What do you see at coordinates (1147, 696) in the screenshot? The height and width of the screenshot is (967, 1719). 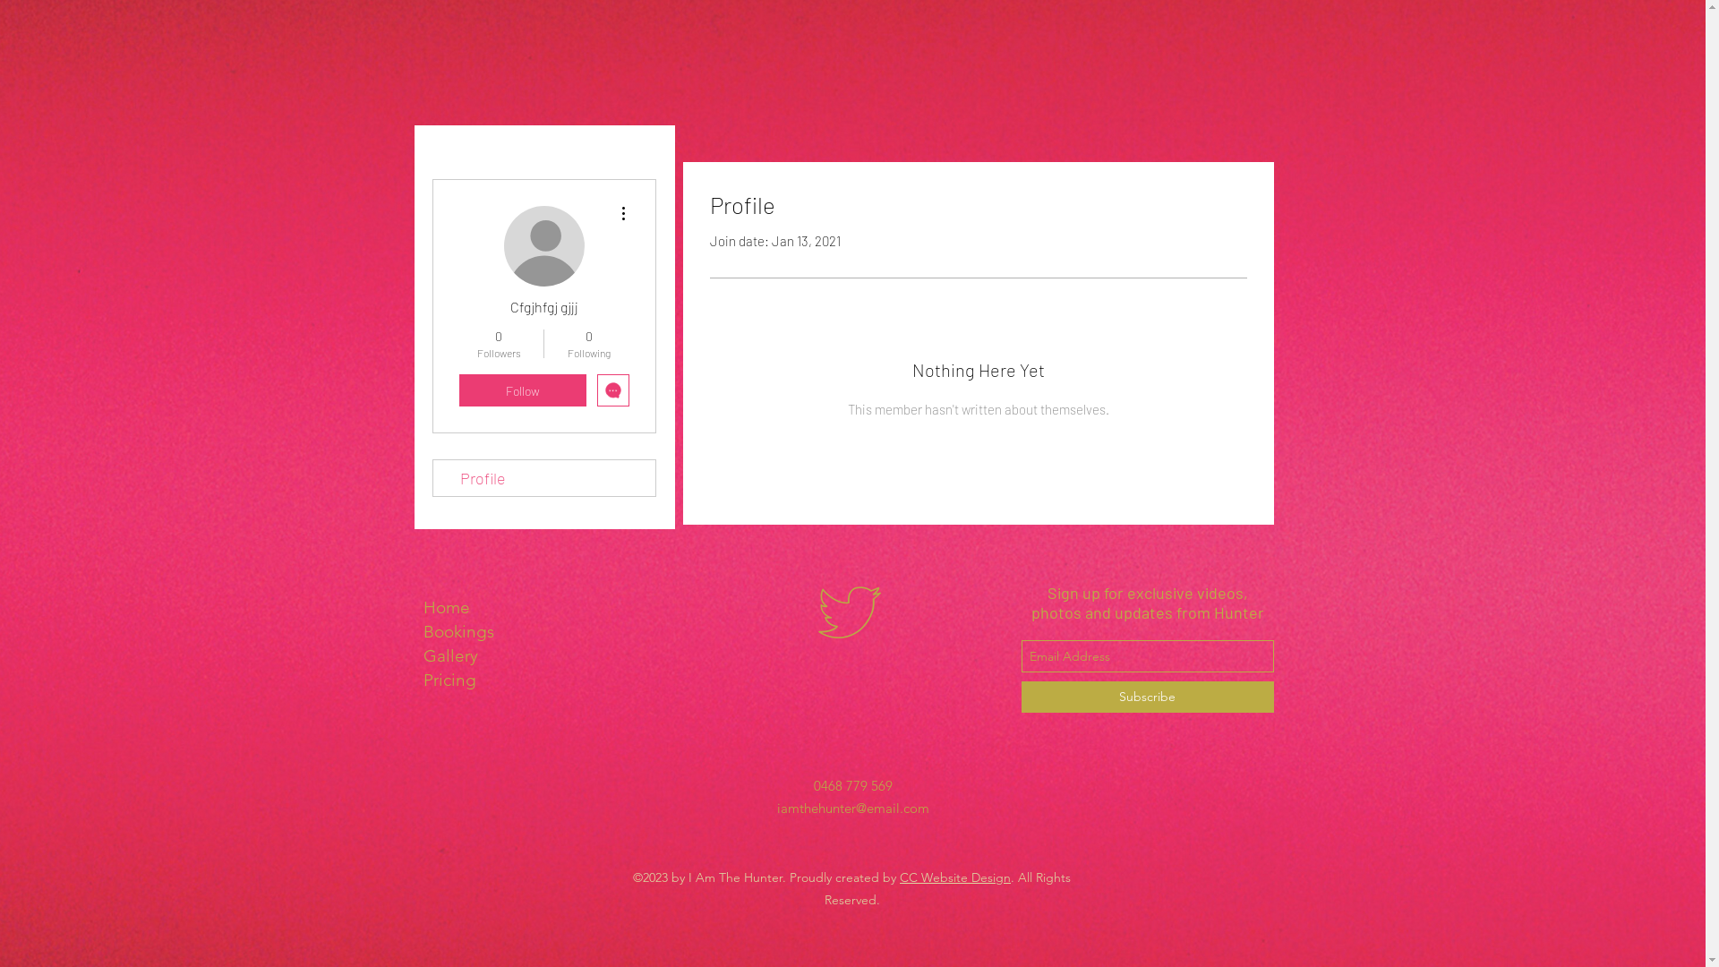 I see `'Subscribe'` at bounding box center [1147, 696].